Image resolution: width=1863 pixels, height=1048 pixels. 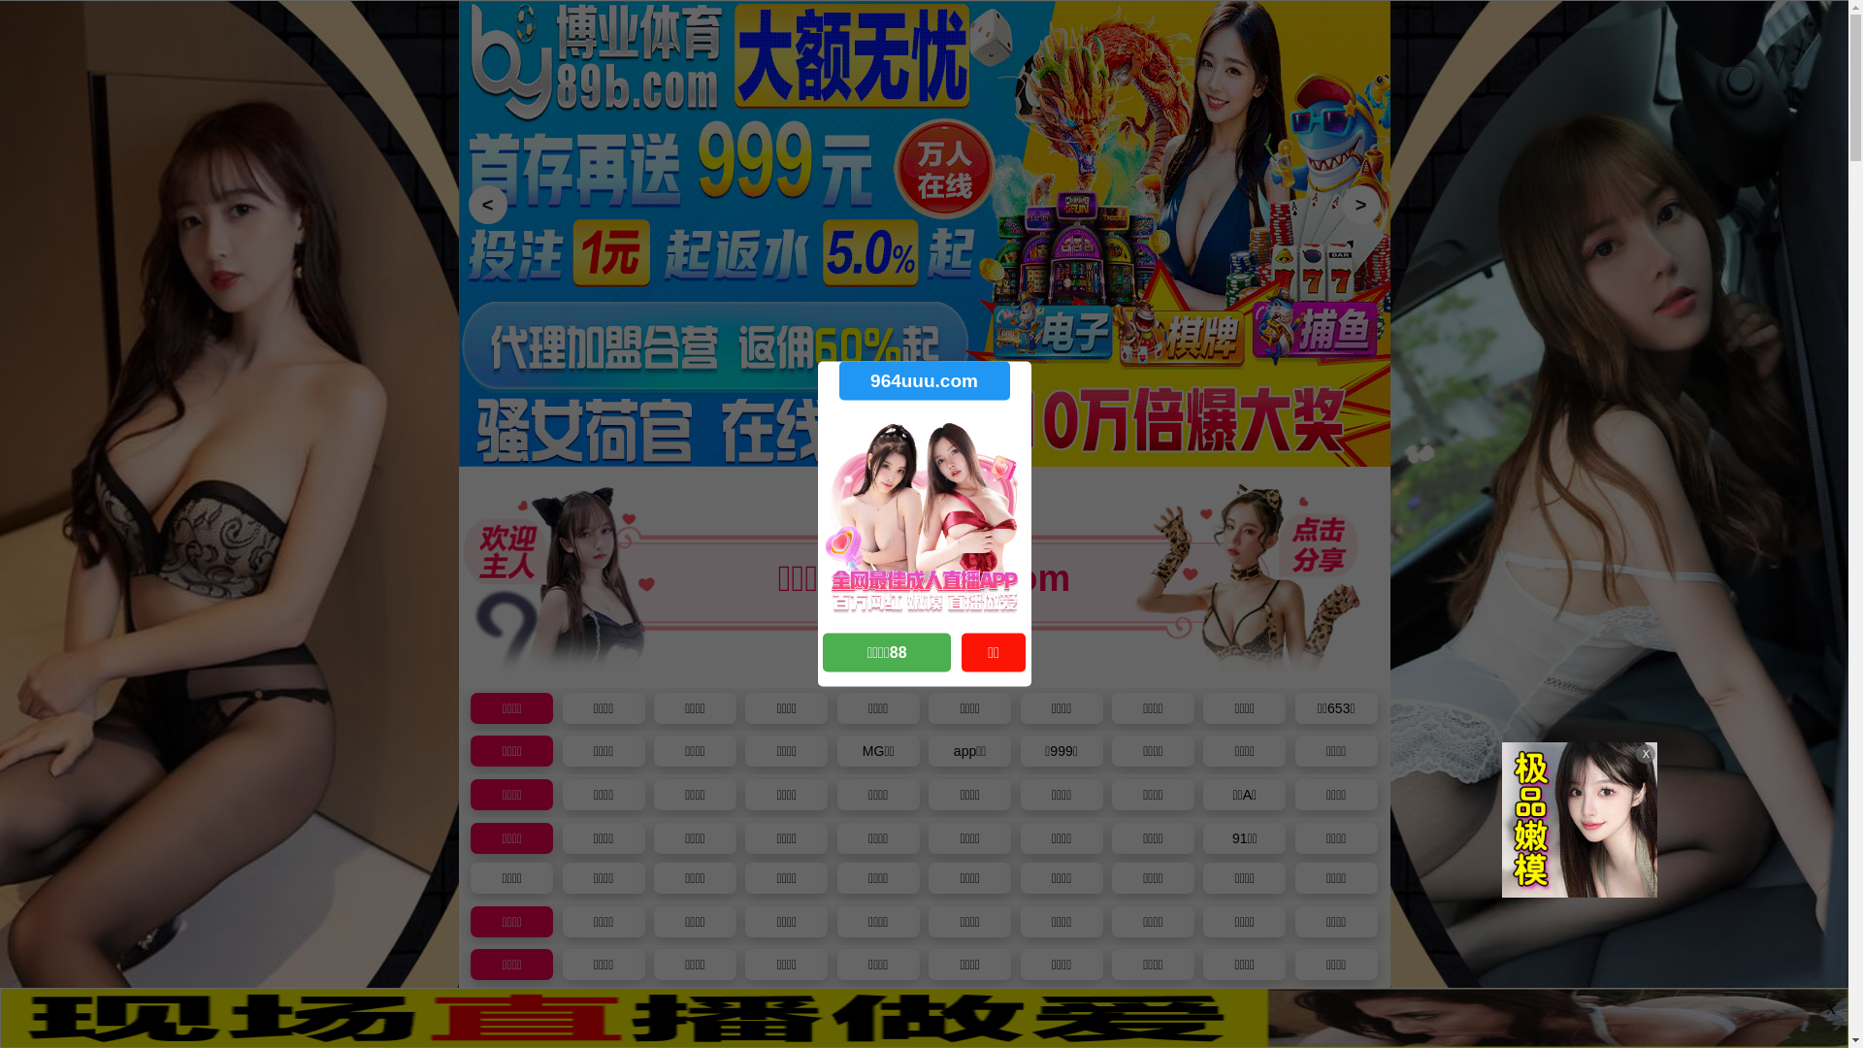 I want to click on '<', so click(x=487, y=205).